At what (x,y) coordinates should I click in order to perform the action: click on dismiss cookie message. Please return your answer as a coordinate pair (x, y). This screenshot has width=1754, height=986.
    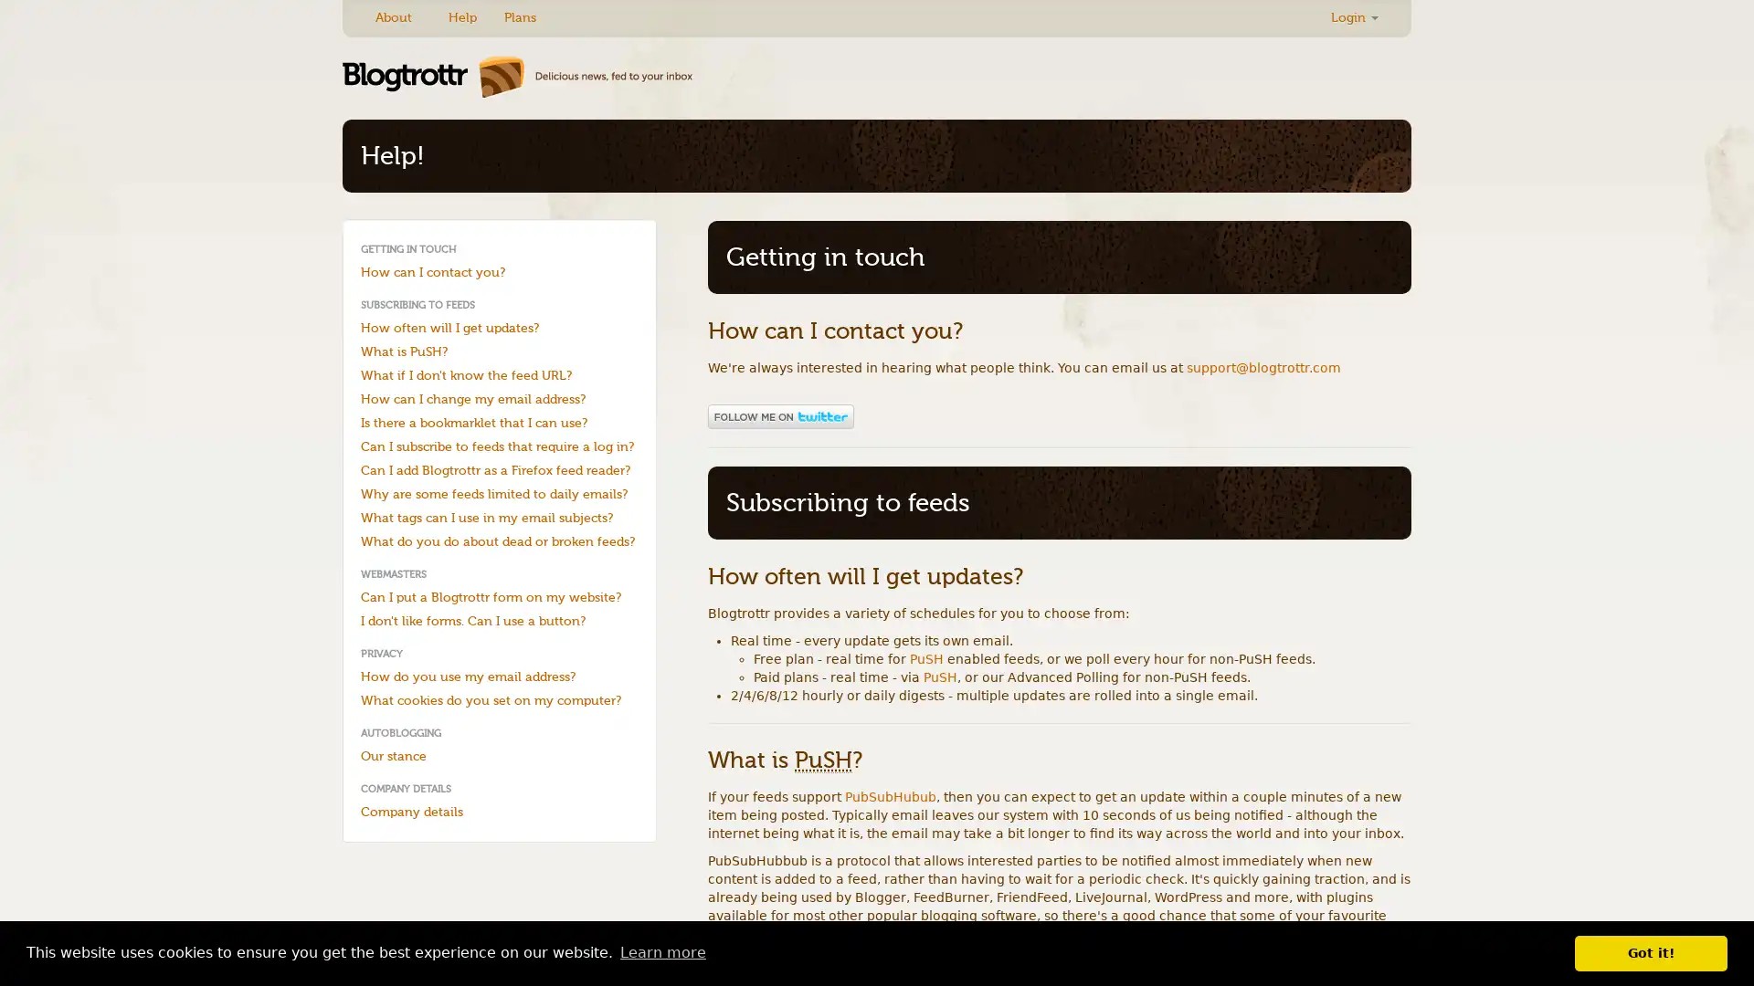
    Looking at the image, I should click on (1651, 952).